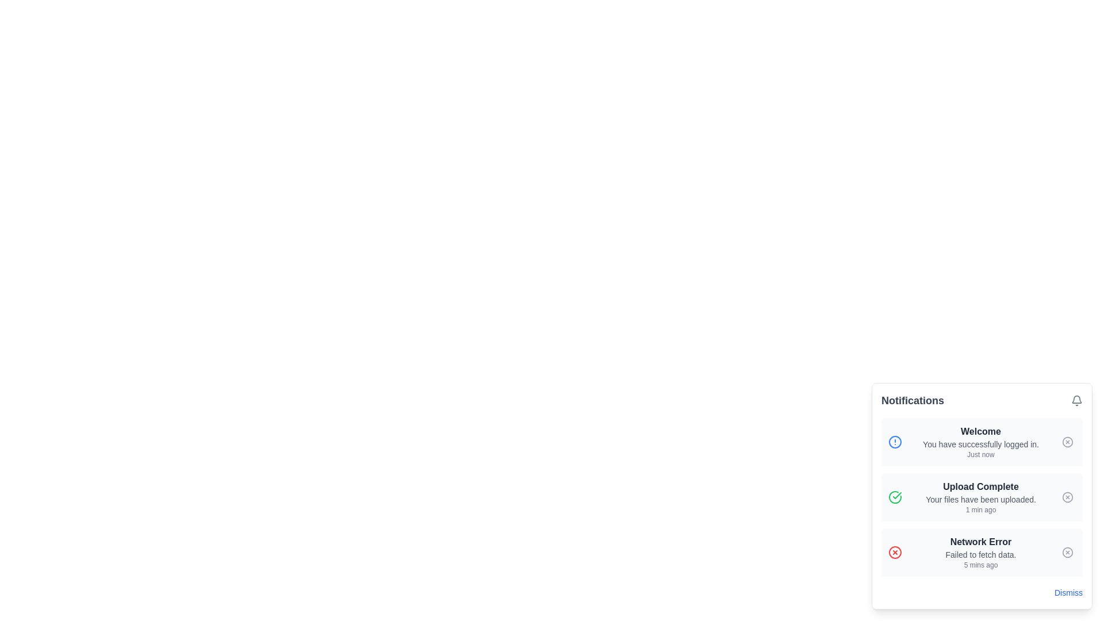 This screenshot has height=621, width=1104. What do you see at coordinates (980, 441) in the screenshot?
I see `message content of the first notification in the Notifications panel, which welcomes the user and confirms a successful login` at bounding box center [980, 441].